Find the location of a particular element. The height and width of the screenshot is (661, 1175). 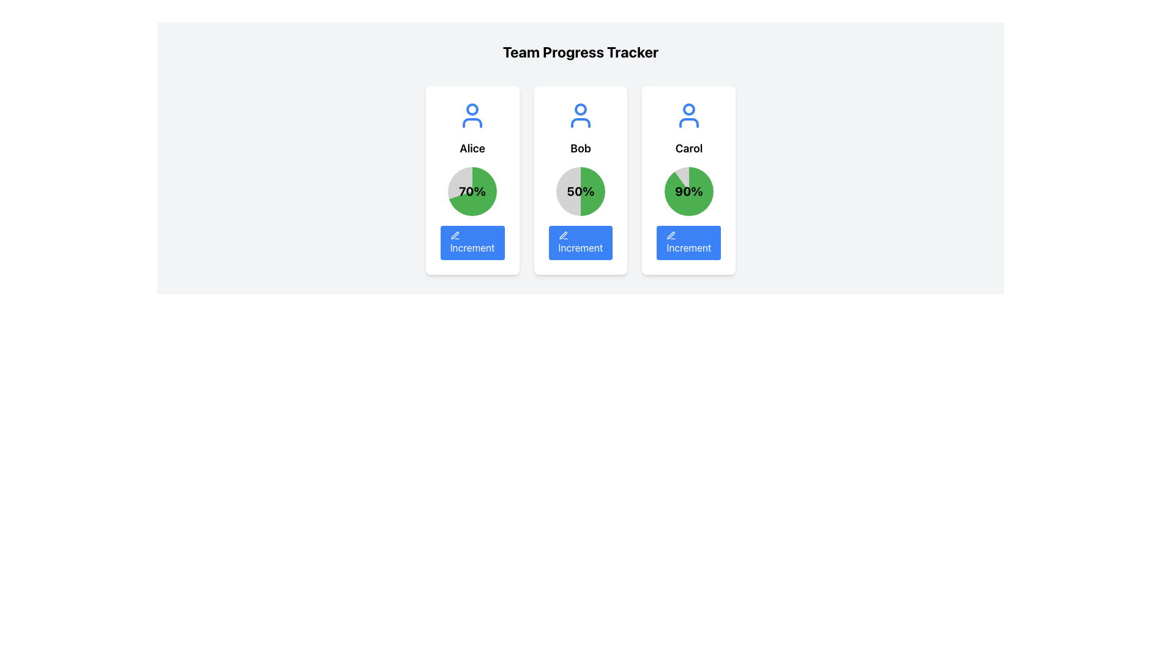

the edit icon located below the progress circle labeled '70%' for the increment button associated with Alice is located at coordinates (454, 236).